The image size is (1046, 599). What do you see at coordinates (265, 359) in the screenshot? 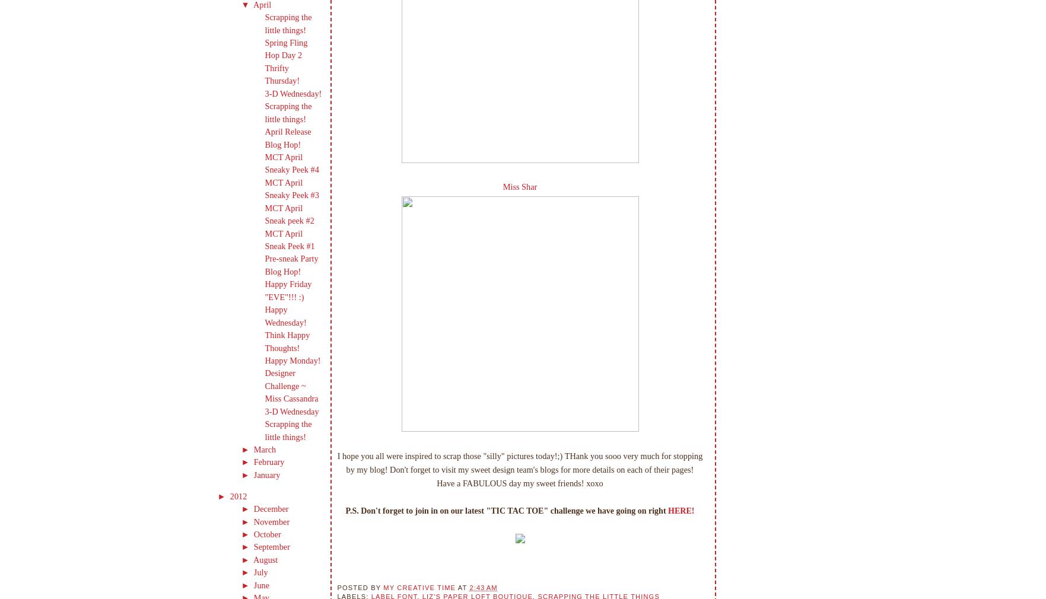
I see `'Happy Monday!'` at bounding box center [265, 359].